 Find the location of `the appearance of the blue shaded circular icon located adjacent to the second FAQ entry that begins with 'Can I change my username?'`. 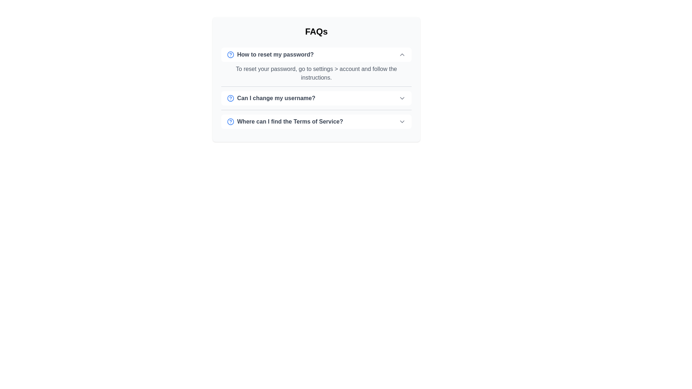

the appearance of the blue shaded circular icon located adjacent to the second FAQ entry that begins with 'Can I change my username?' is located at coordinates (230, 98).